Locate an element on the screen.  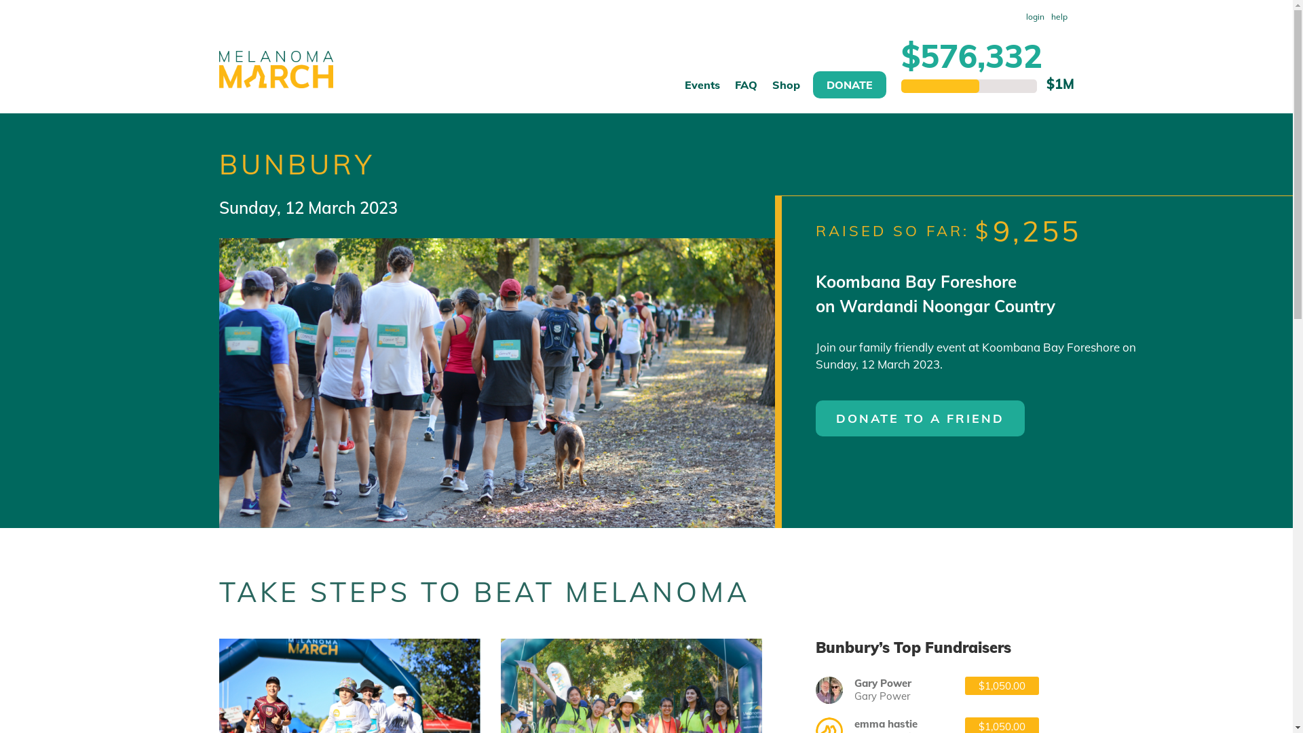
'login' is located at coordinates (1034, 16).